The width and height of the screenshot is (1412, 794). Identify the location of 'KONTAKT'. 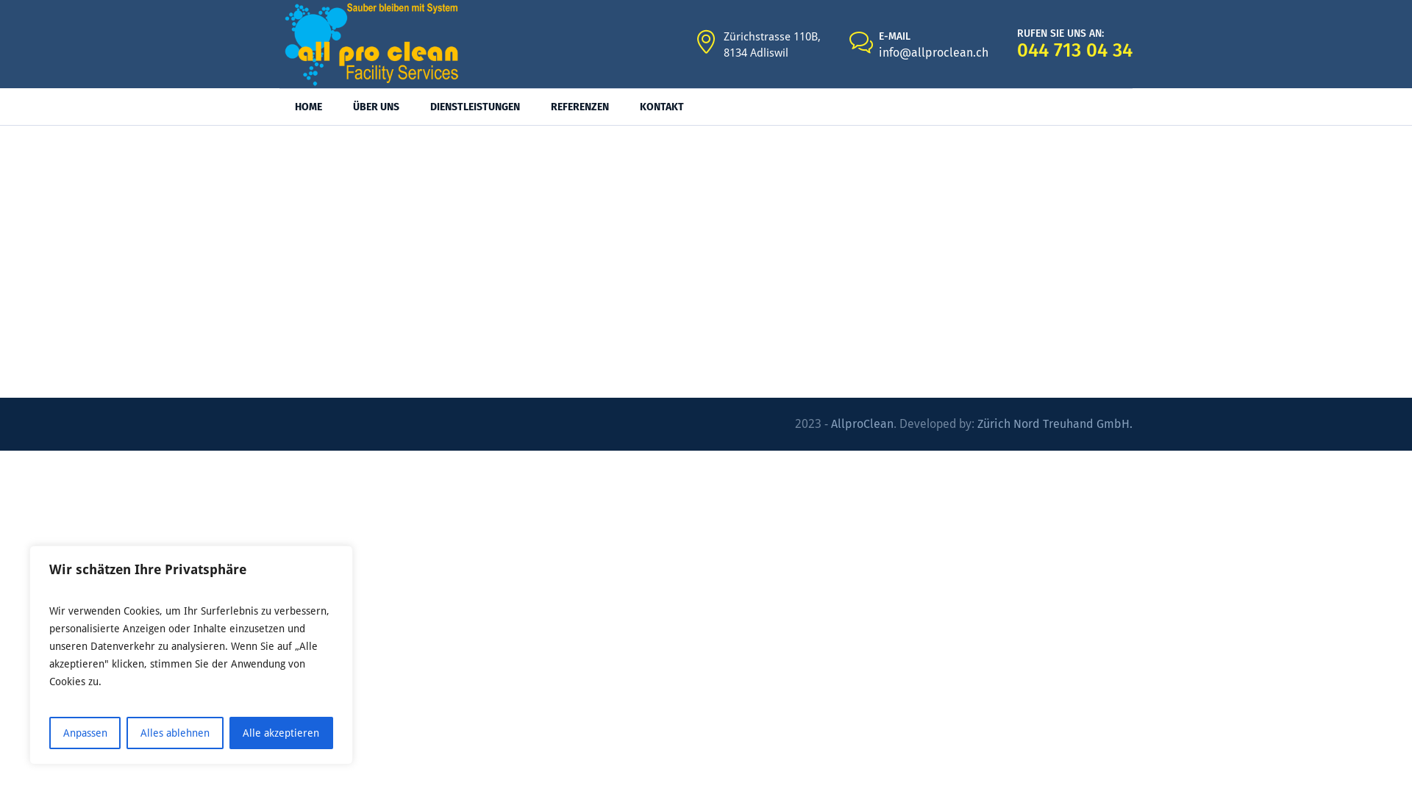
(661, 107).